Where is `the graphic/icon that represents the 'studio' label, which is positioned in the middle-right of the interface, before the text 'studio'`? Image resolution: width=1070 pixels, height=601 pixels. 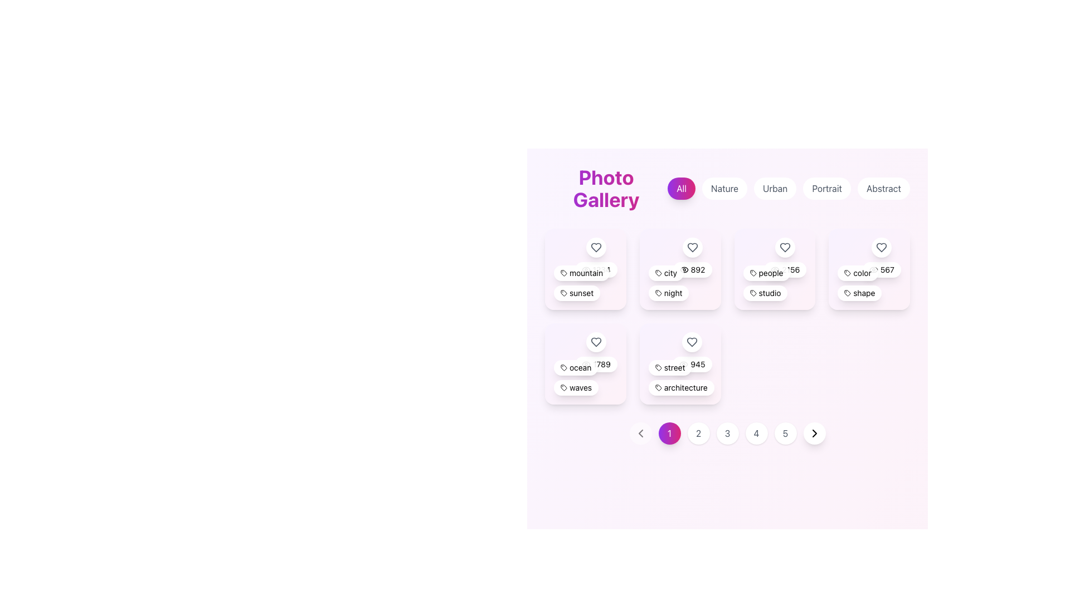 the graphic/icon that represents the 'studio' label, which is positioned in the middle-right of the interface, before the text 'studio' is located at coordinates (753, 292).